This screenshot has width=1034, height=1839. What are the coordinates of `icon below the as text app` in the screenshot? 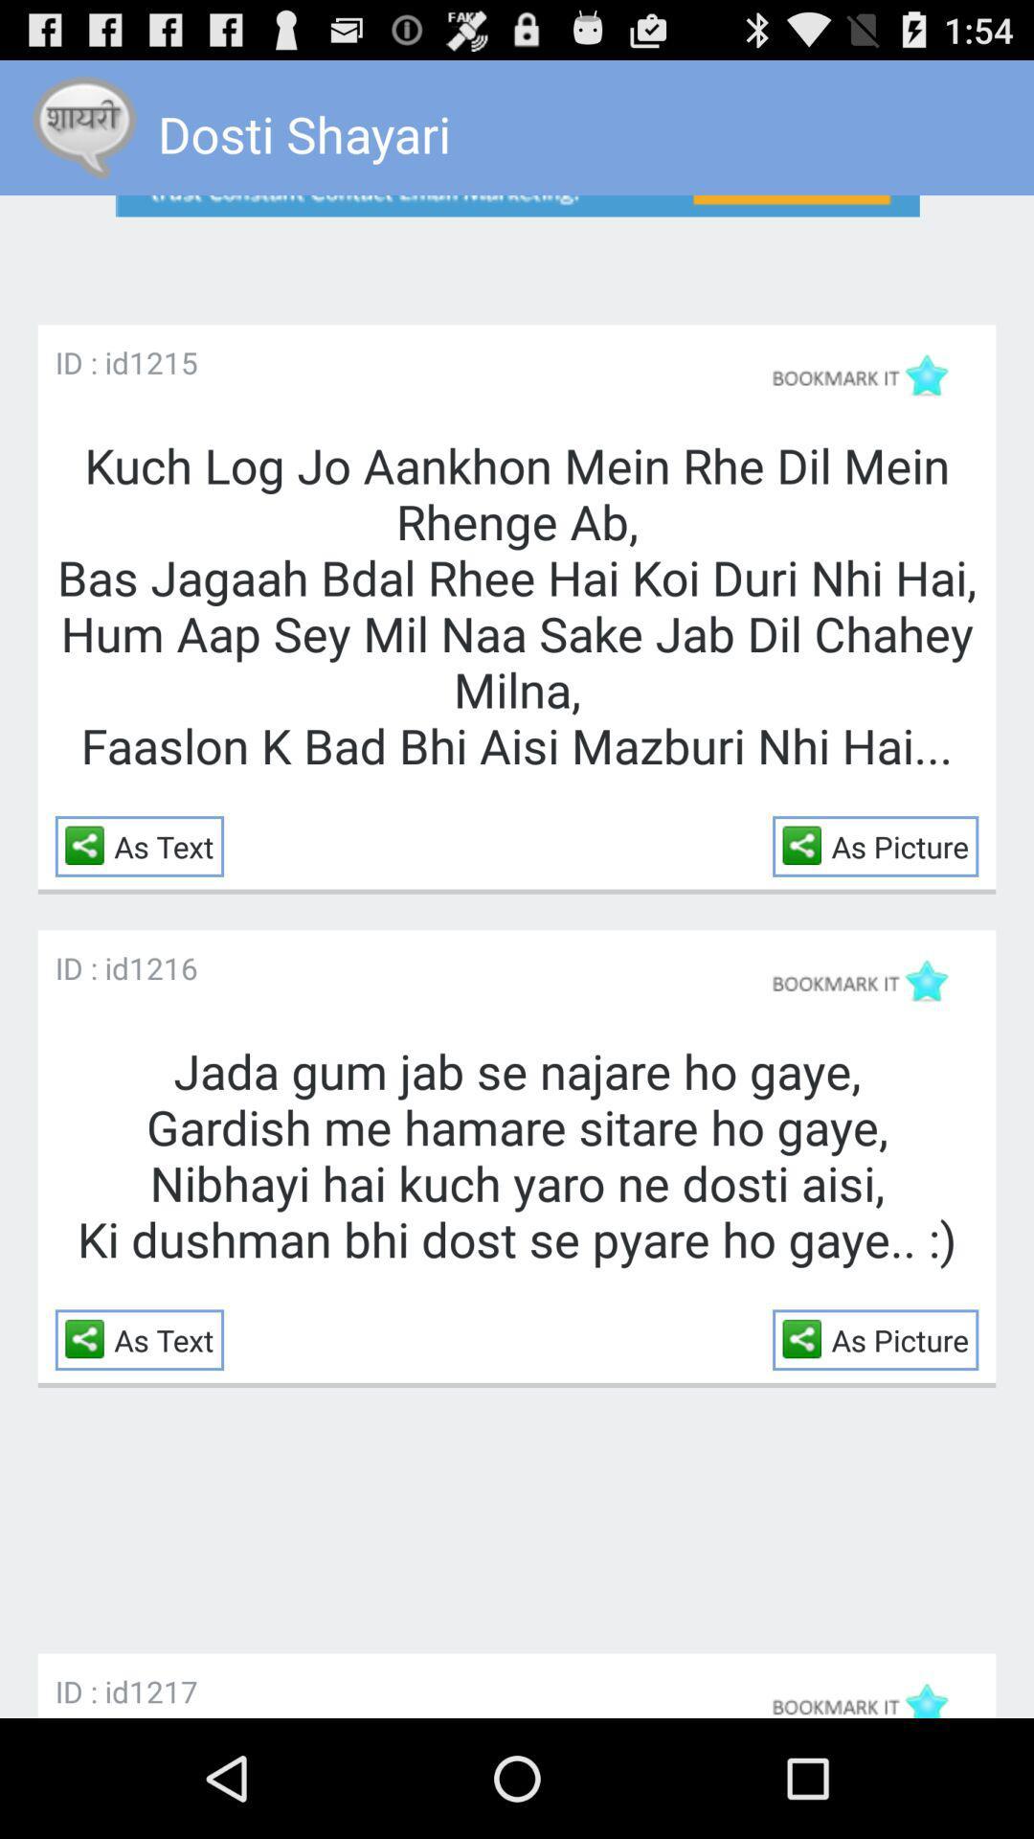 It's located at (162, 1691).